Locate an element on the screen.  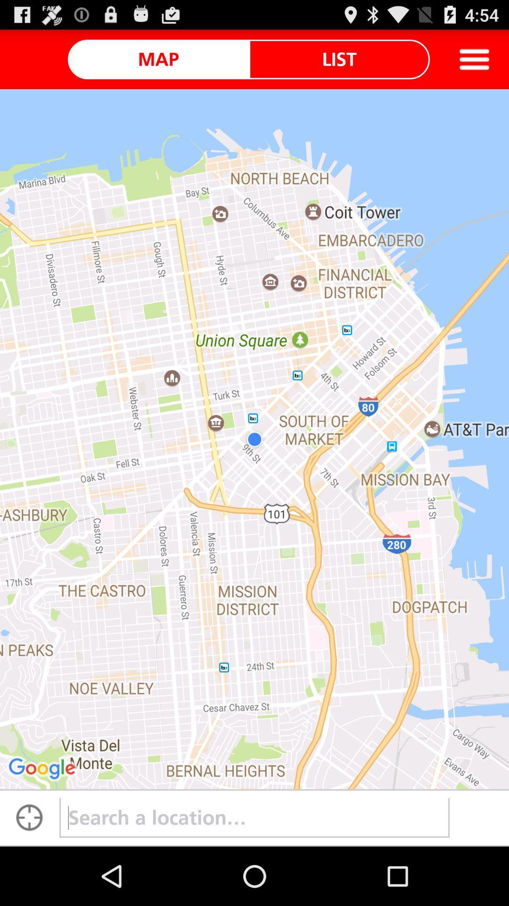
click on directional icon is located at coordinates (29, 817).